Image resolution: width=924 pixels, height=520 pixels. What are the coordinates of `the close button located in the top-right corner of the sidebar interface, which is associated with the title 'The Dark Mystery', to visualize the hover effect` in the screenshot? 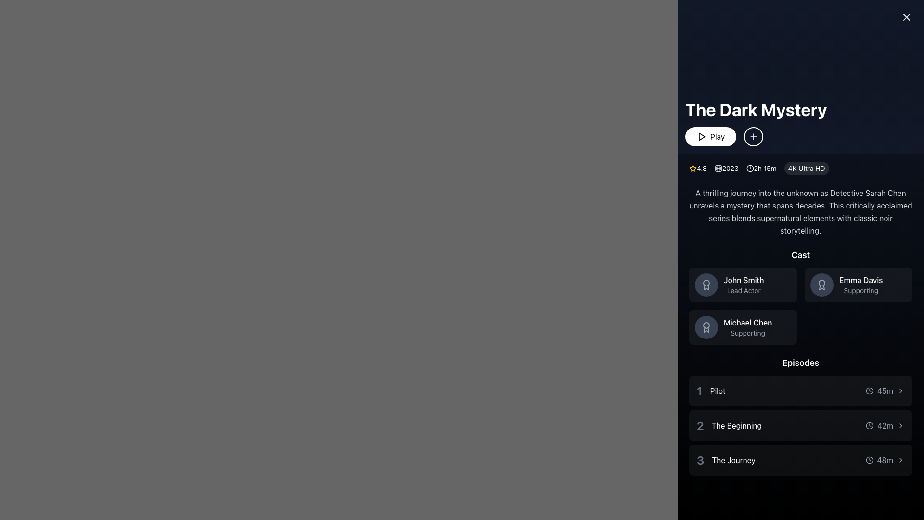 It's located at (906, 17).